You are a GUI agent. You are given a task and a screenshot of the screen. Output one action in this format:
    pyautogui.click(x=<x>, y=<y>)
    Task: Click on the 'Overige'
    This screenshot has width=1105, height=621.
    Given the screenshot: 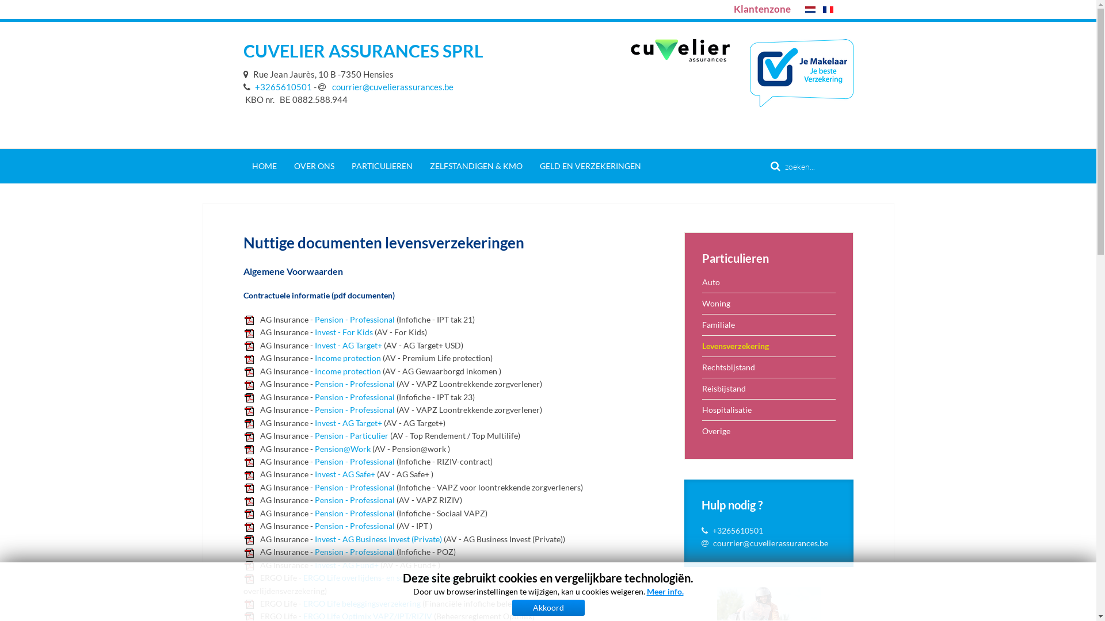 What is the action you would take?
    pyautogui.click(x=768, y=431)
    